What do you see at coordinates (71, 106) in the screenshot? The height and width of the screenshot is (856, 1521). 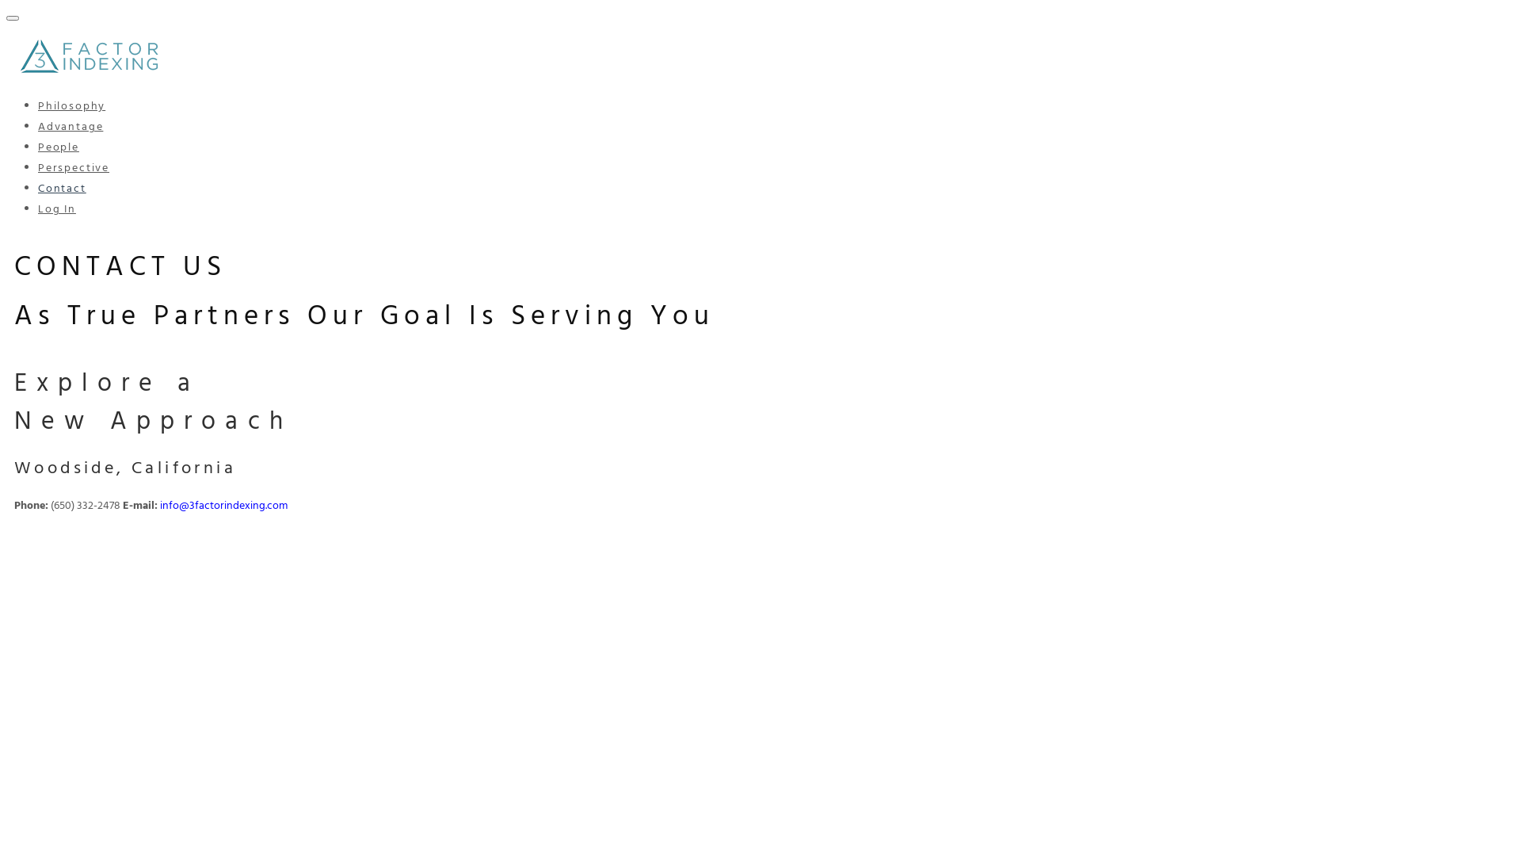 I see `'Philosophy'` at bounding box center [71, 106].